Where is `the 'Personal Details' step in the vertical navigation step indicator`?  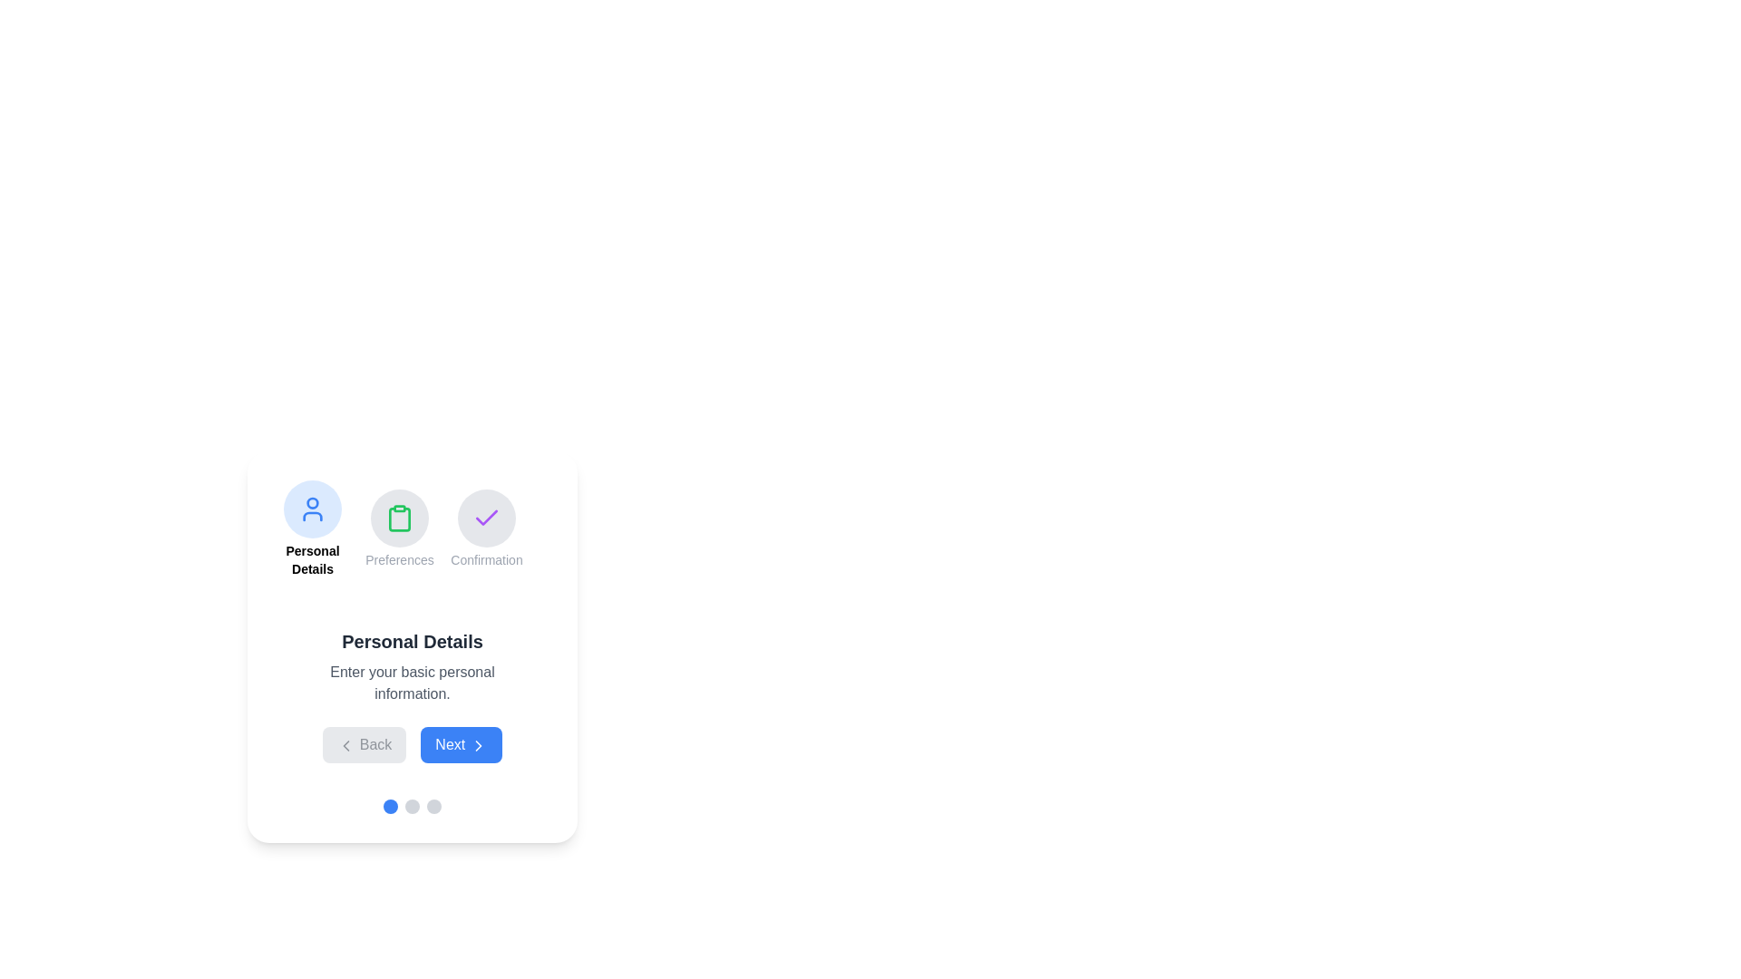 the 'Personal Details' step in the vertical navigation step indicator is located at coordinates (313, 528).